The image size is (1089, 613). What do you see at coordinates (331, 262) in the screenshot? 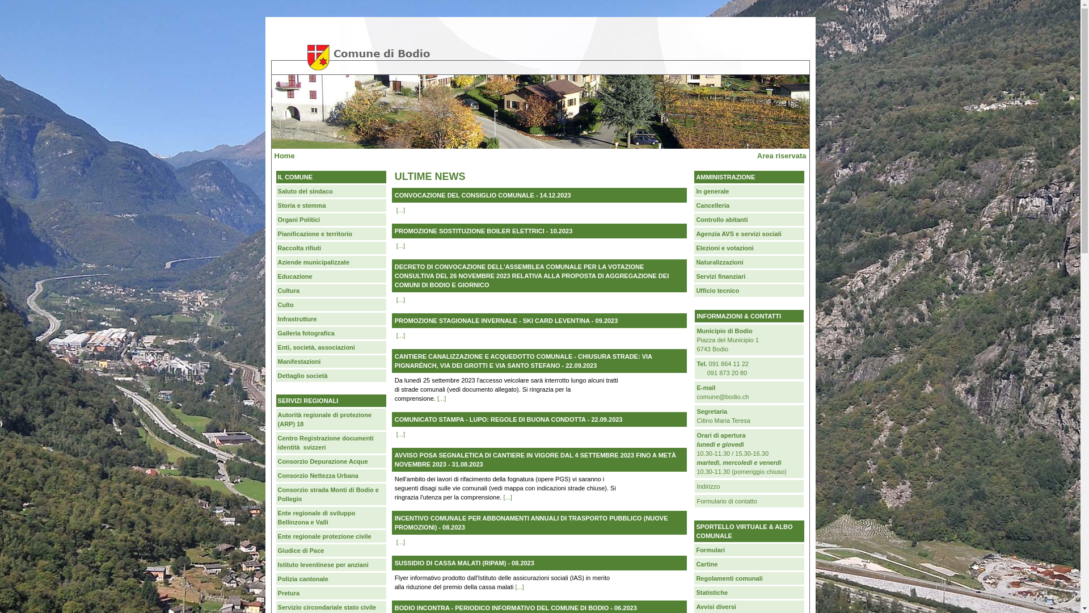
I see `'Aziende municipalizzate'` at bounding box center [331, 262].